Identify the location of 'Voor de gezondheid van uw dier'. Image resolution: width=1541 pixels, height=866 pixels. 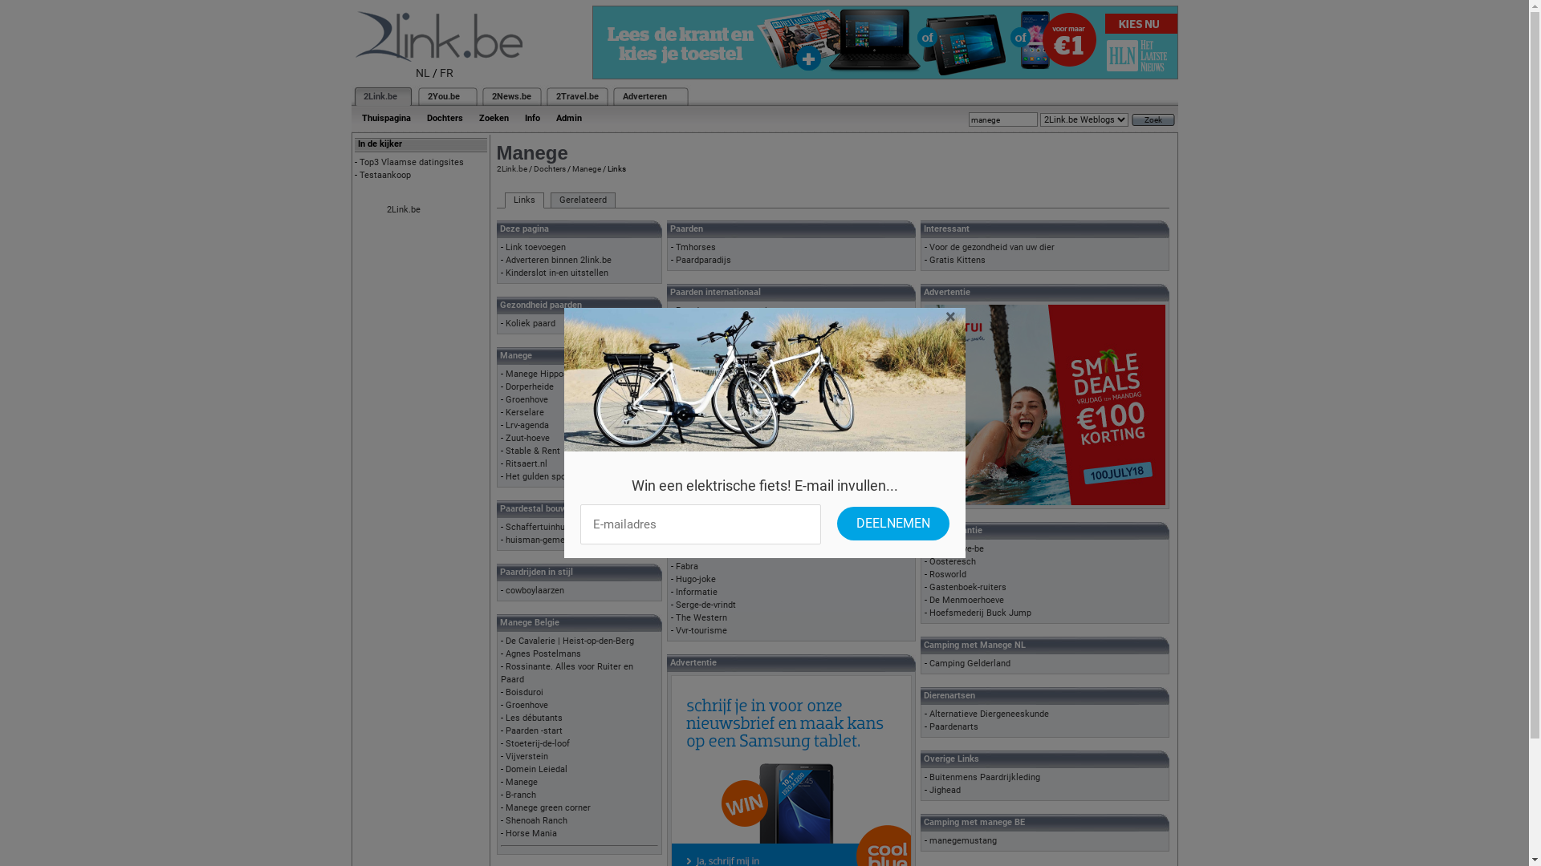
(991, 247).